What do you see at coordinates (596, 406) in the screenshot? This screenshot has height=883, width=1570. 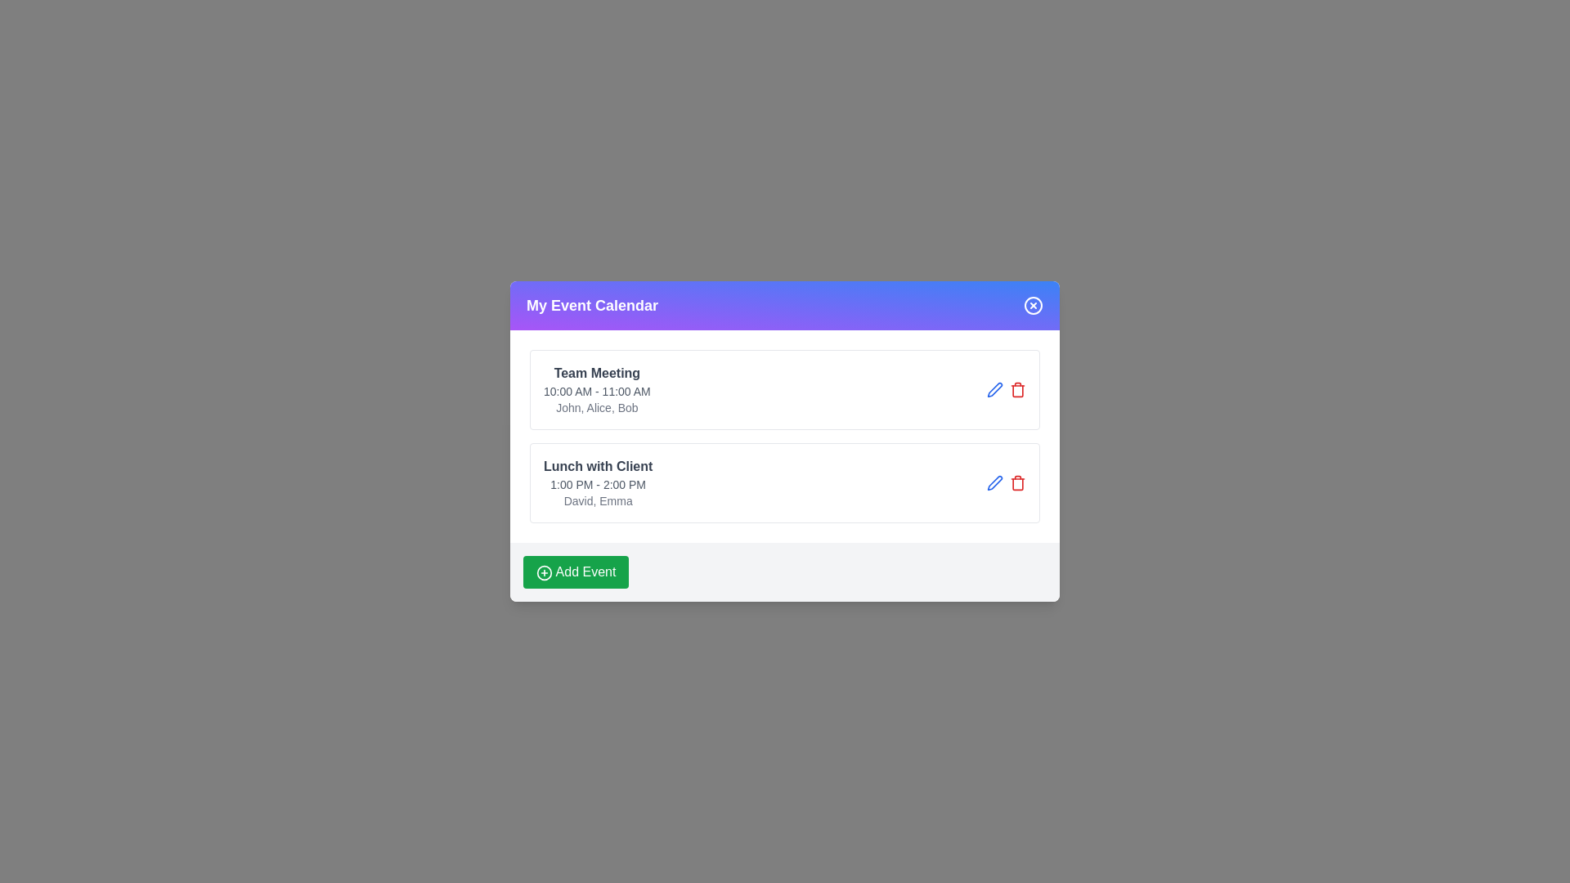 I see `the static text label that reads 'John, Alice, Bob.' located below the '10:00 AM - 11:00 AM' text in the 'Team Meeting' section of the calendar interface` at bounding box center [596, 406].